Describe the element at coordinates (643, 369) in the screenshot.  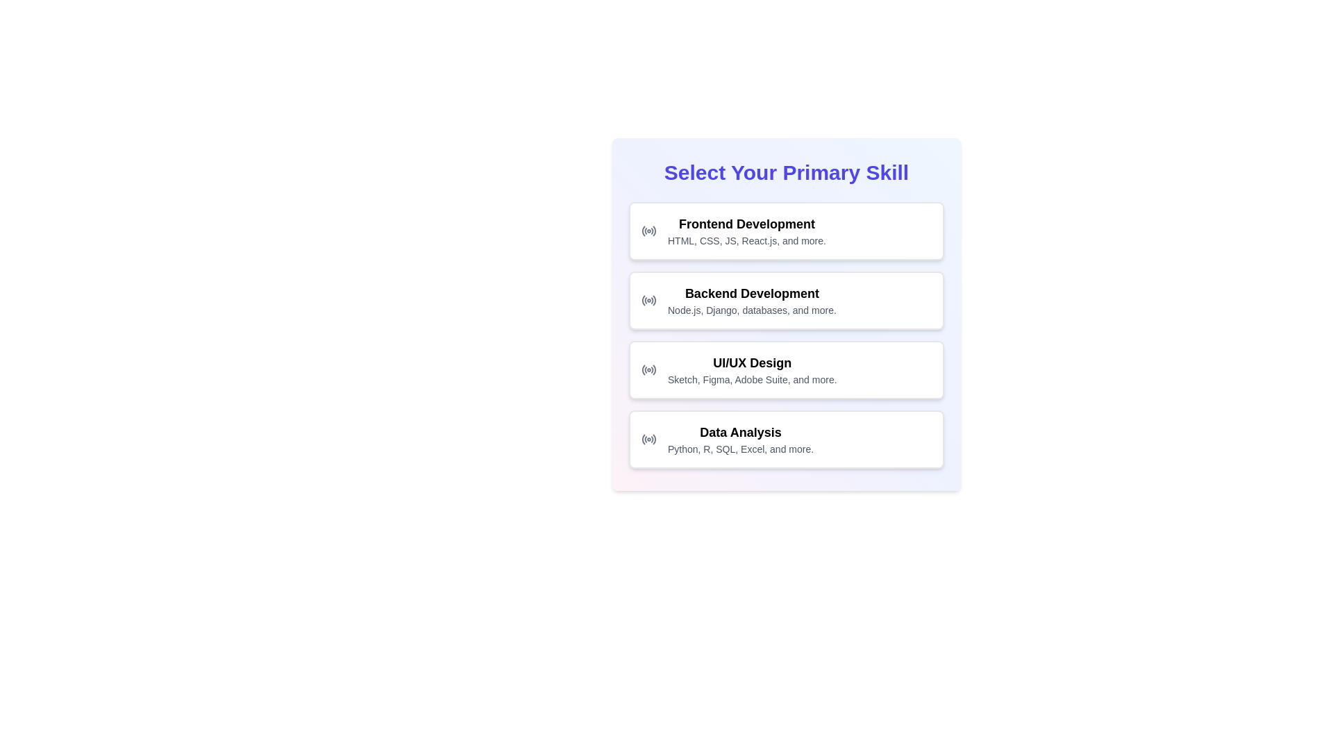
I see `the innermost part of the left wave group of the radio icon within the 'UI/UX Design' option box, which is an SVG curve resembling a sound wave` at that location.